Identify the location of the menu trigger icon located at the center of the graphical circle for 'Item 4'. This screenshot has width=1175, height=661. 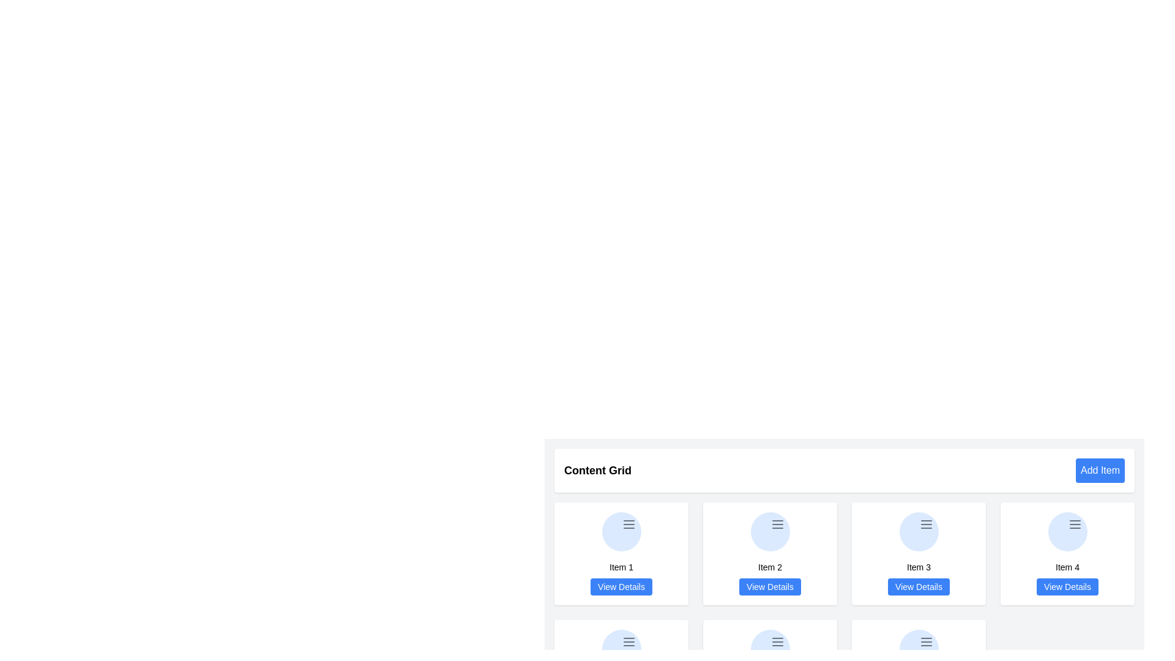
(777, 641).